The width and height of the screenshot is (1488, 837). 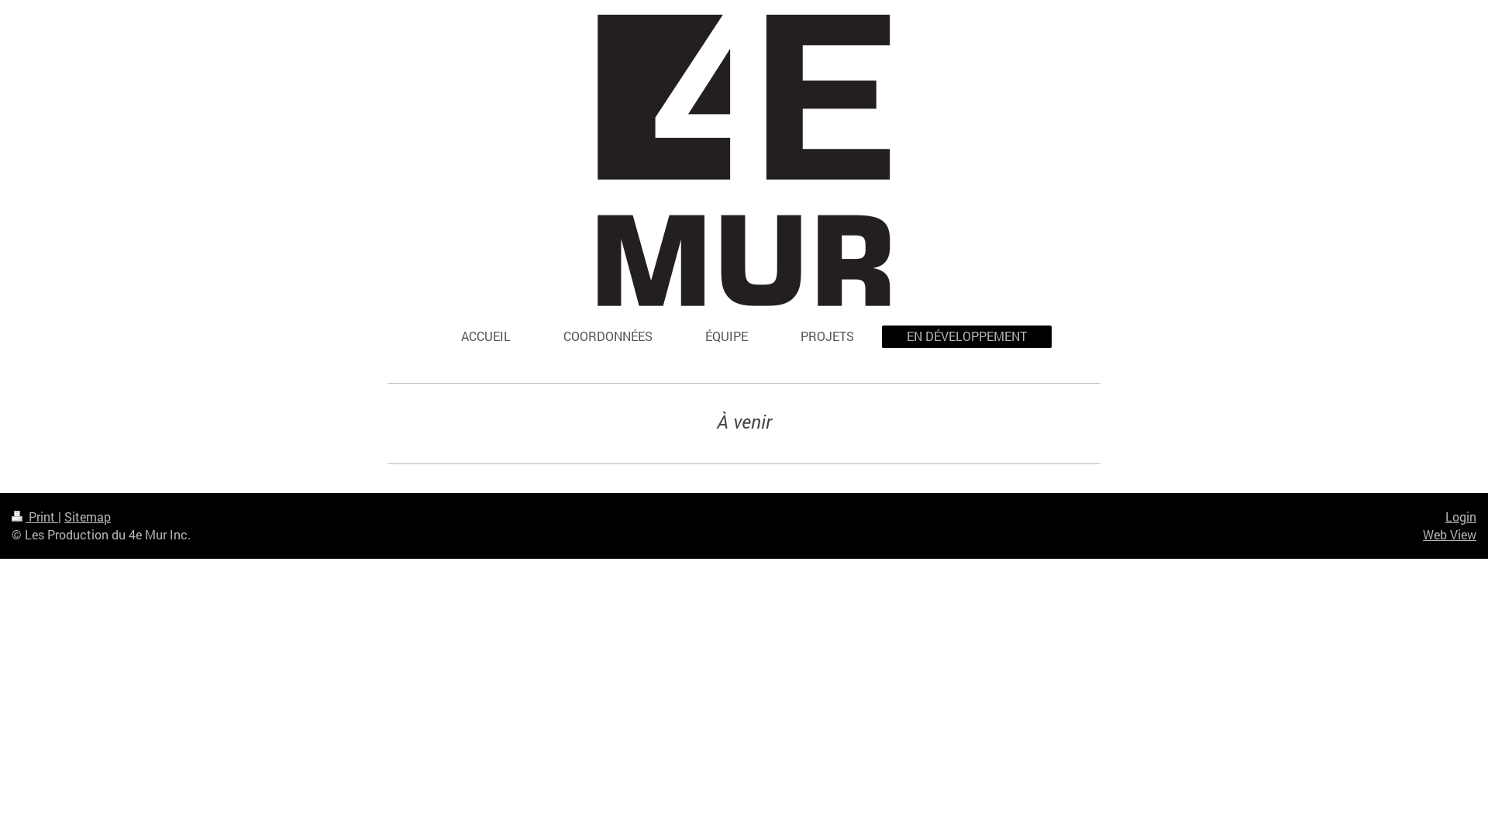 I want to click on 'Sitemap', so click(x=87, y=516).